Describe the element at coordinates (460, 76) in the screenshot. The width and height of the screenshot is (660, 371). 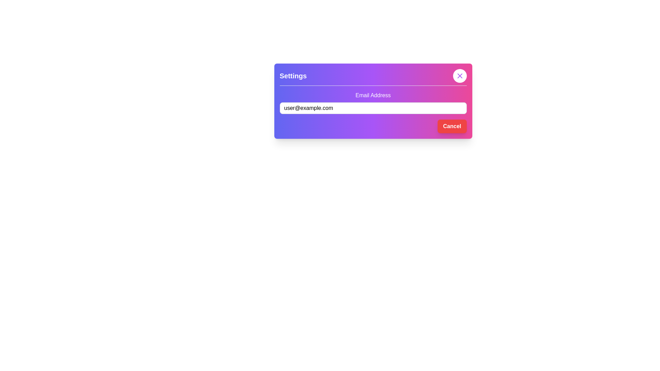
I see `the circular button with a white background and a purple 'X' icon in the upper-right corner of the 'Settings' modal` at that location.